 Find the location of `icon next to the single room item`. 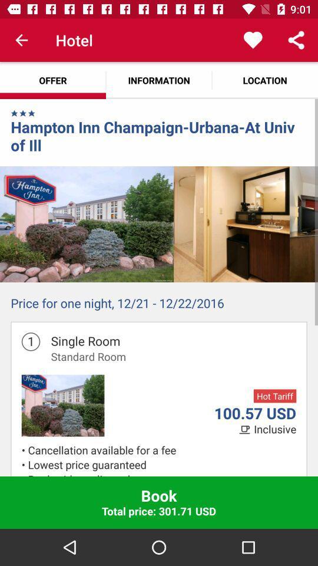

icon next to the single room item is located at coordinates (31, 341).